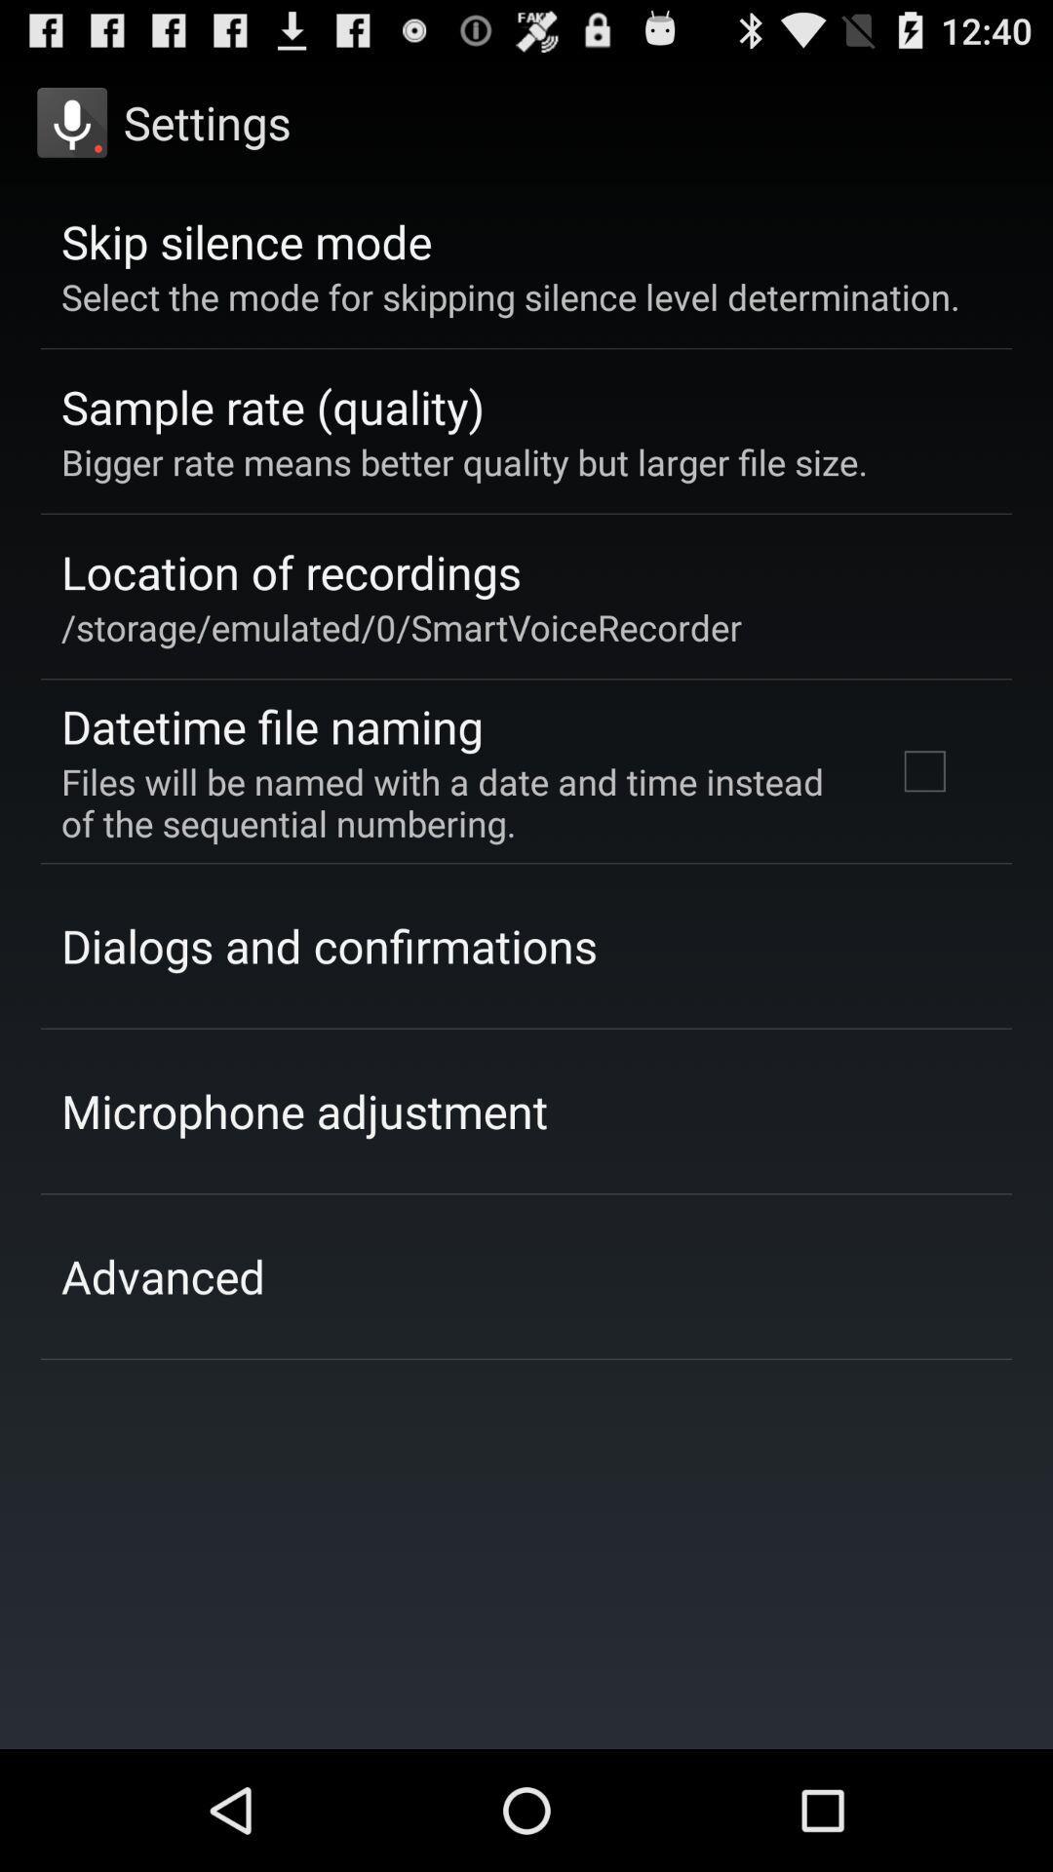 The height and width of the screenshot is (1872, 1053). What do you see at coordinates (451, 802) in the screenshot?
I see `the files will be app` at bounding box center [451, 802].